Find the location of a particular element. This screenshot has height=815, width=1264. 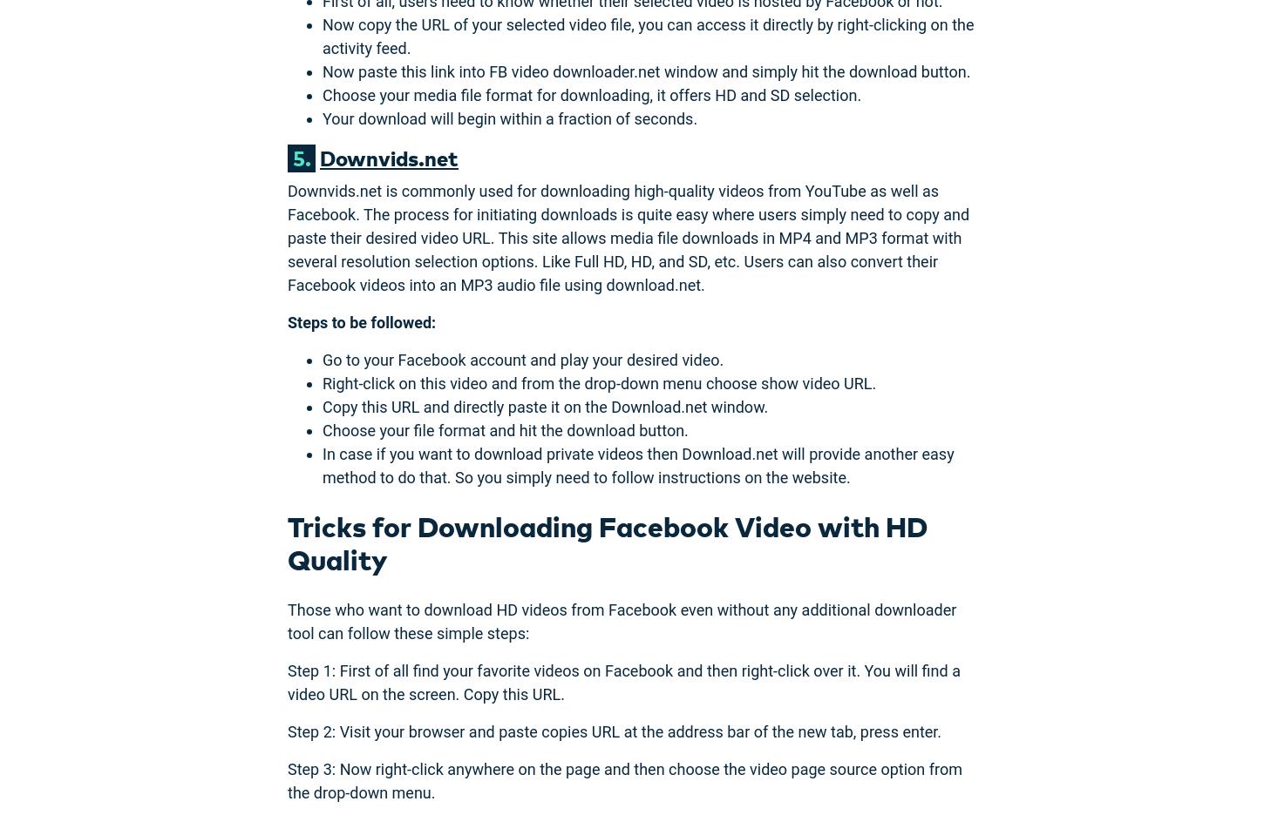

'Right-click on this video and from the drop-down menu choose show video URL.' is located at coordinates (598, 382).